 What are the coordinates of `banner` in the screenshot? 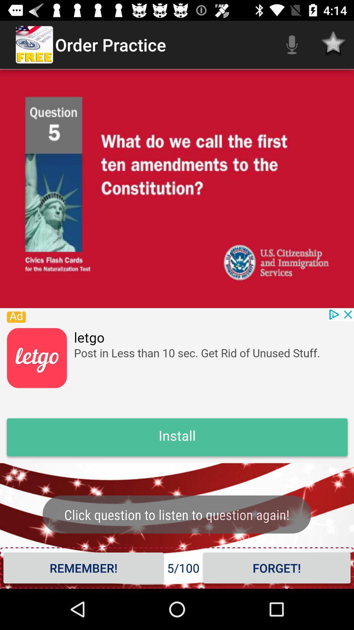 It's located at (177, 386).